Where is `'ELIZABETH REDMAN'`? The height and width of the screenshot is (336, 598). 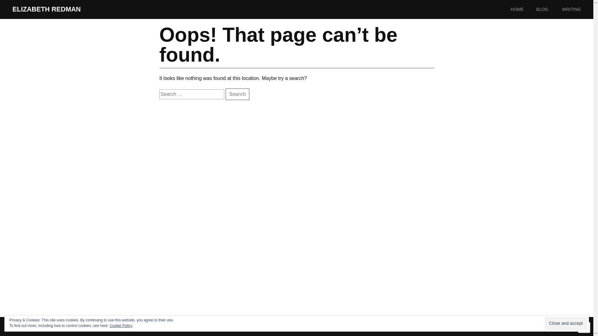
'ELIZABETH REDMAN' is located at coordinates (46, 9).